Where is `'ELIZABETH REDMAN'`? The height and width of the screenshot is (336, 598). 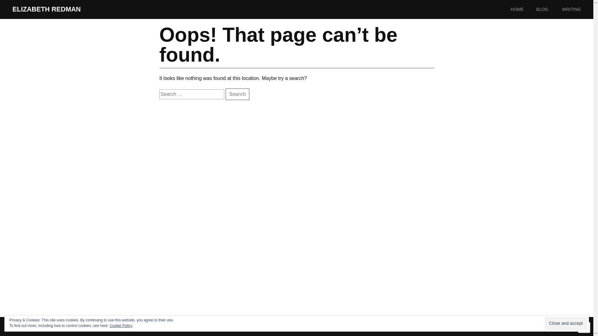
'ELIZABETH REDMAN' is located at coordinates (46, 9).